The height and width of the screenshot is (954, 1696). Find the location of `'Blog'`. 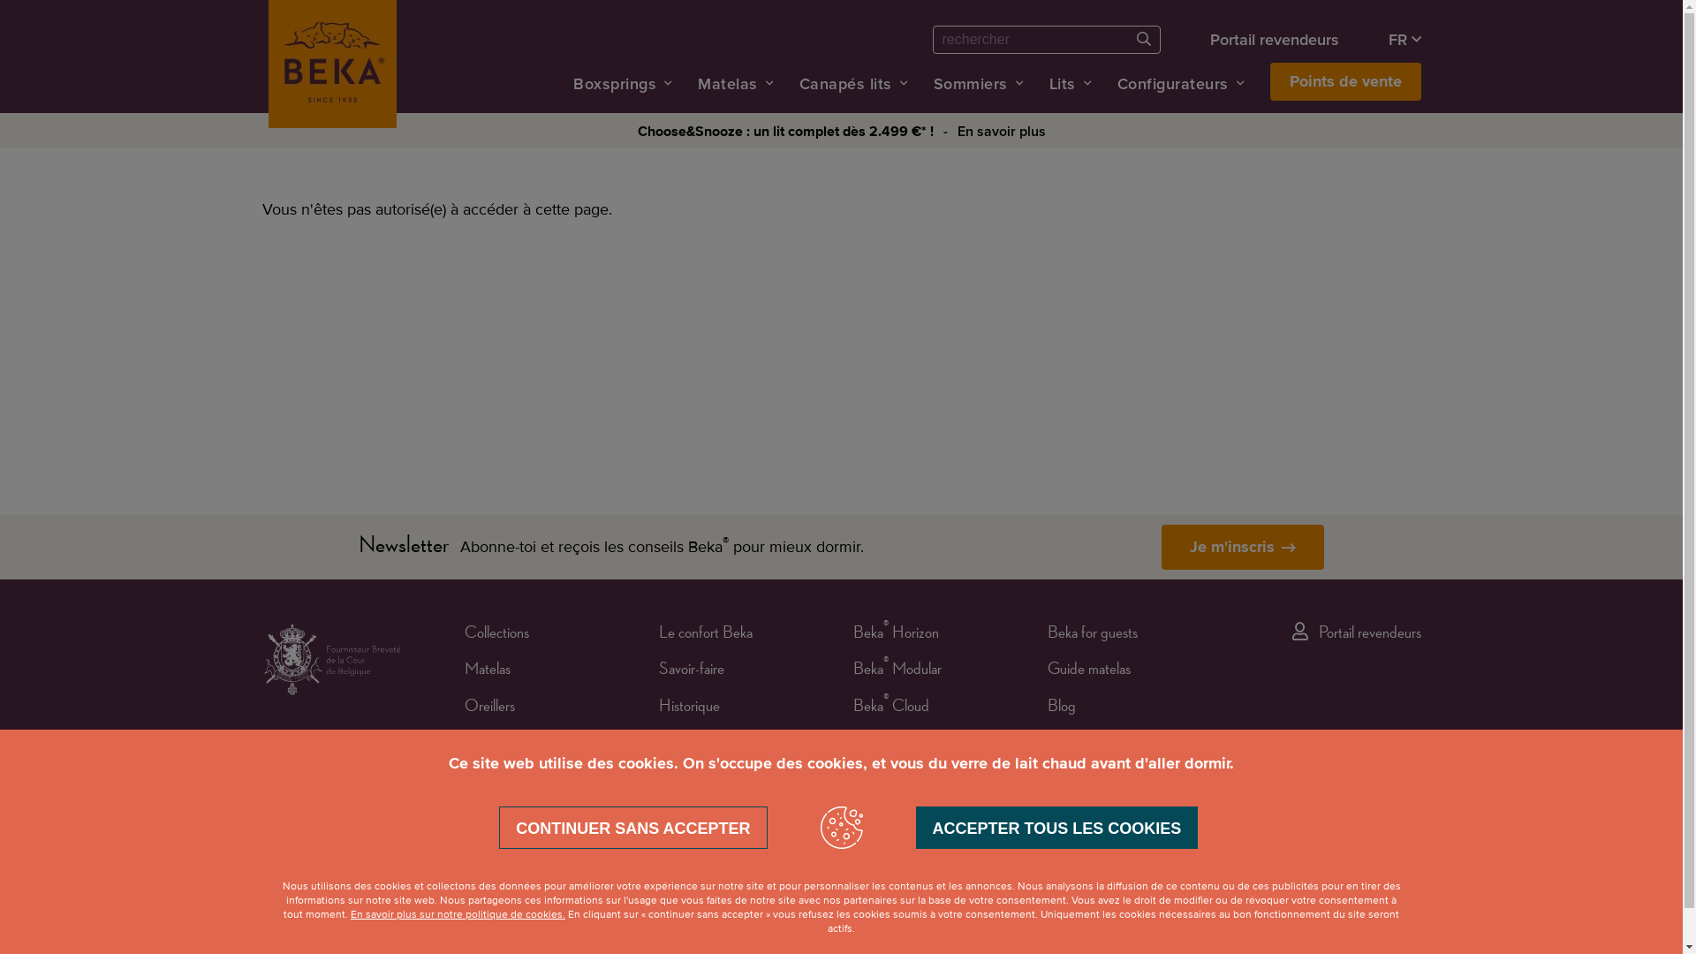

'Blog' is located at coordinates (1060, 708).